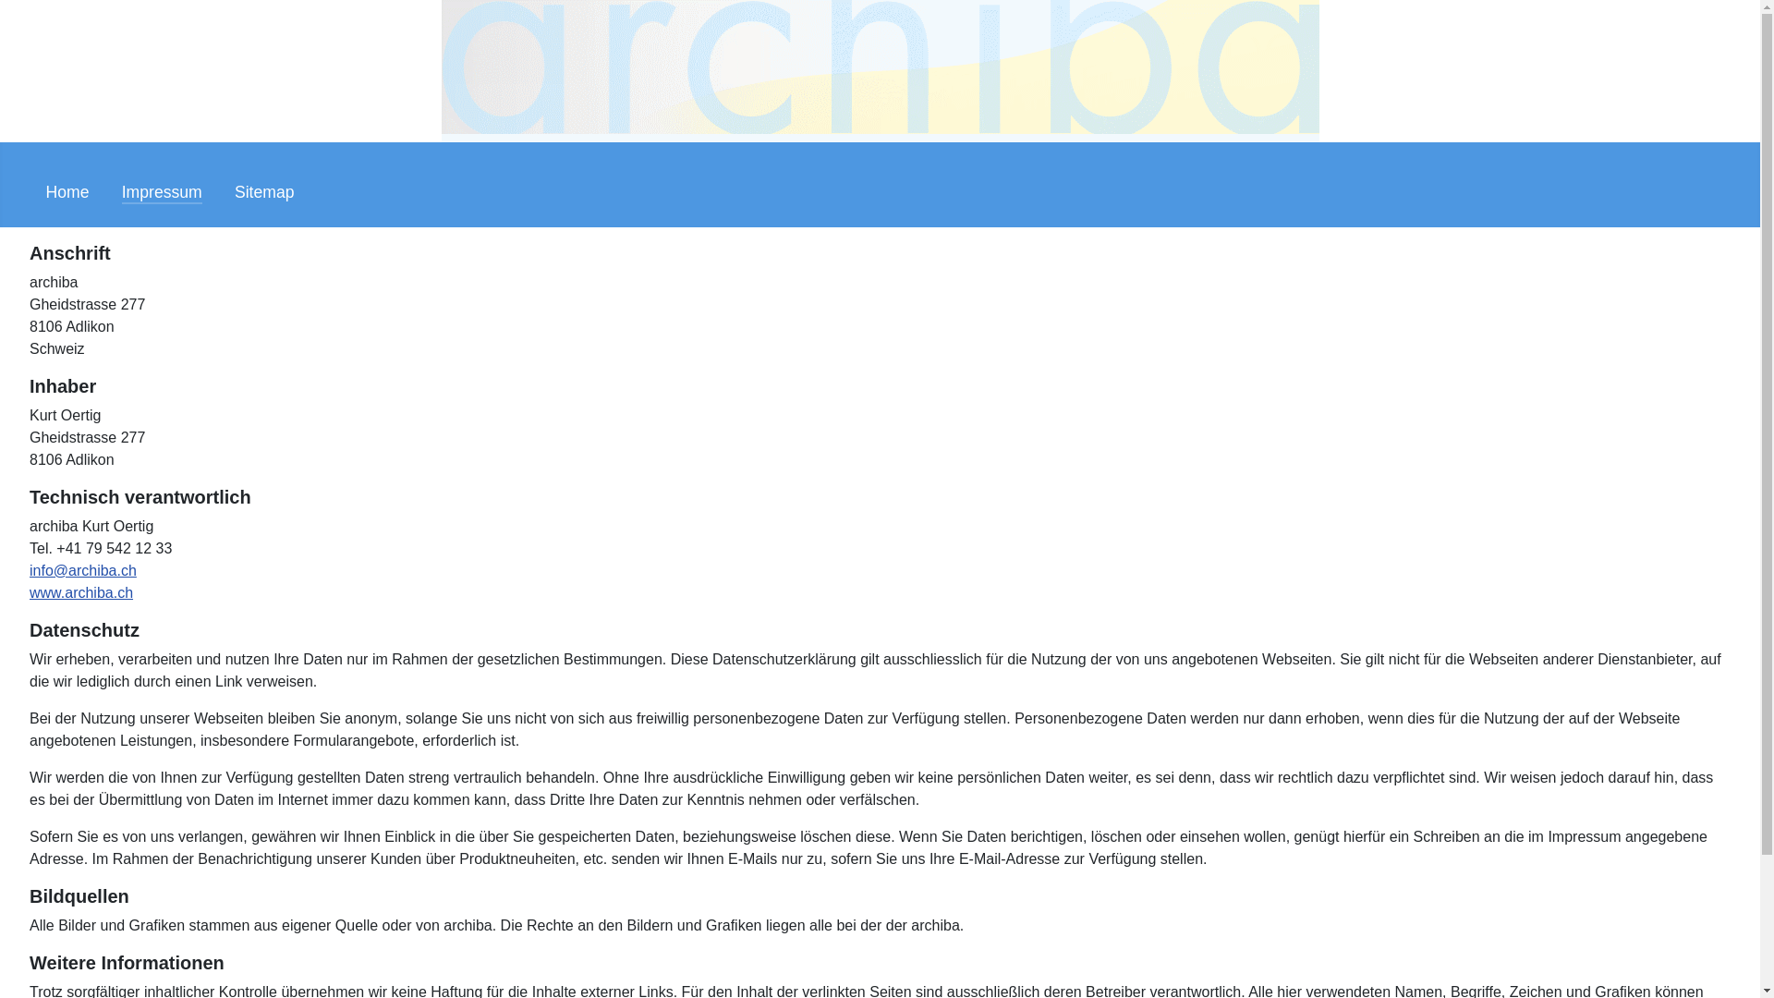  I want to click on 'info@archiba.ch', so click(82, 569).